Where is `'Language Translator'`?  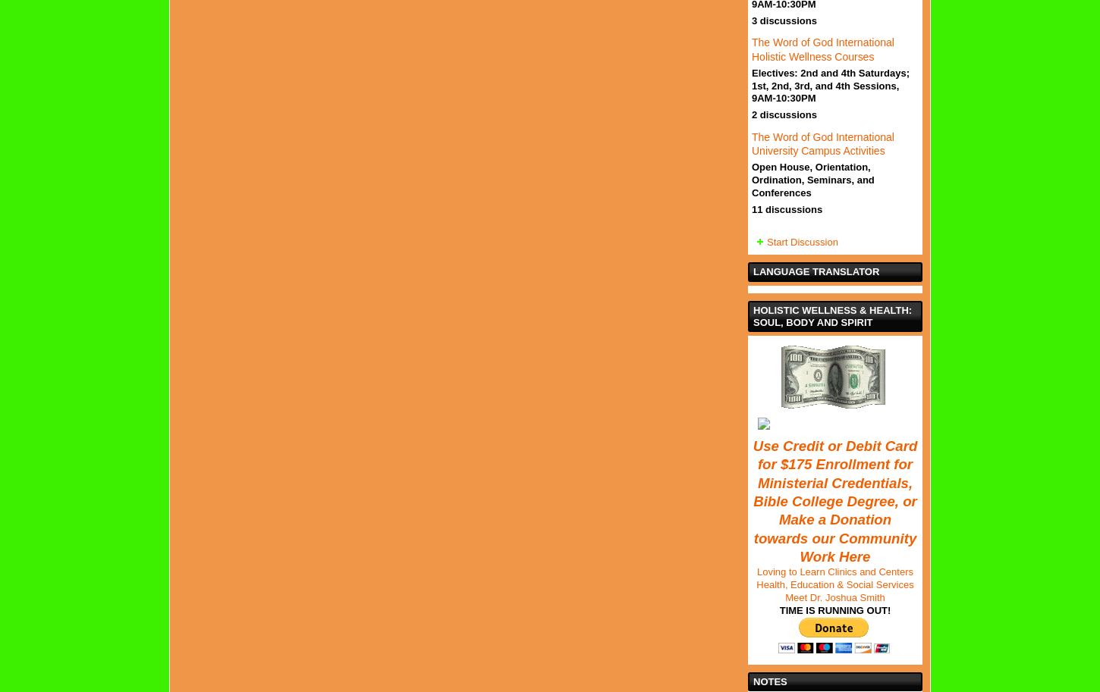
'Language Translator' is located at coordinates (816, 271).